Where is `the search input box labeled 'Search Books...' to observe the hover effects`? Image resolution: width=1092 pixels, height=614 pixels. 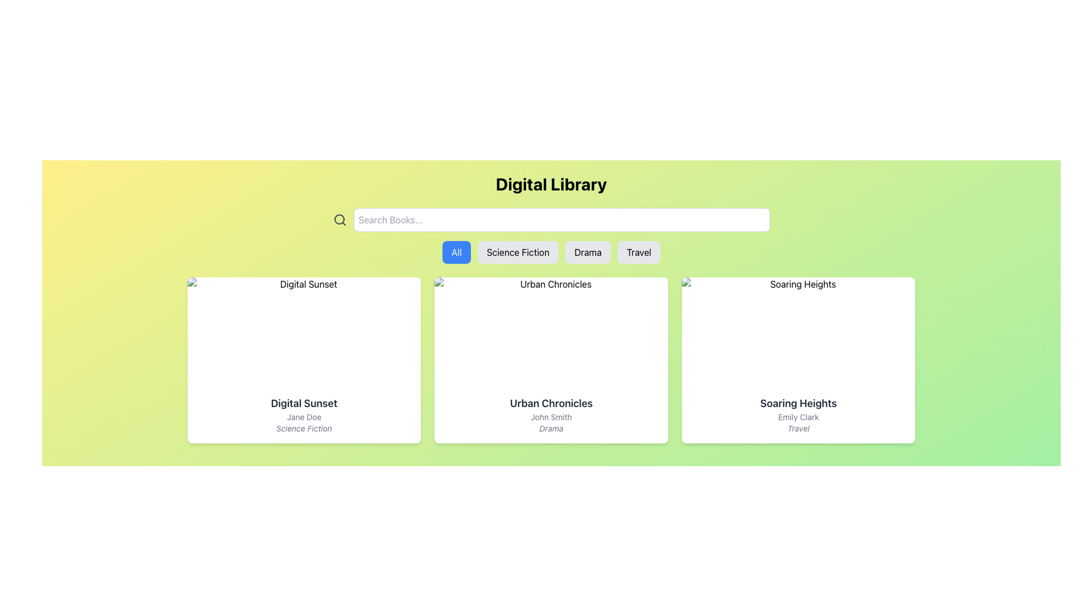
the search input box labeled 'Search Books...' to observe the hover effects is located at coordinates (561, 219).